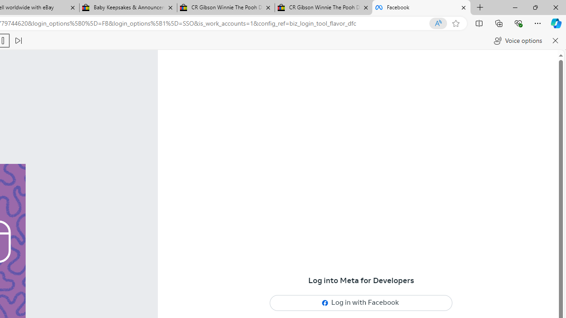 This screenshot has height=318, width=566. Describe the element at coordinates (361, 302) in the screenshot. I see `'Log in with Facebook'` at that location.